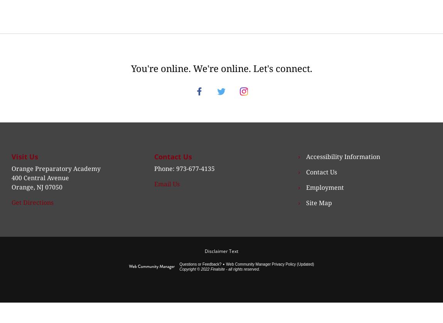  Describe the element at coordinates (219, 278) in the screenshot. I see `'Copyright © 2022 Finalsite - all rights reserved.'` at that location.